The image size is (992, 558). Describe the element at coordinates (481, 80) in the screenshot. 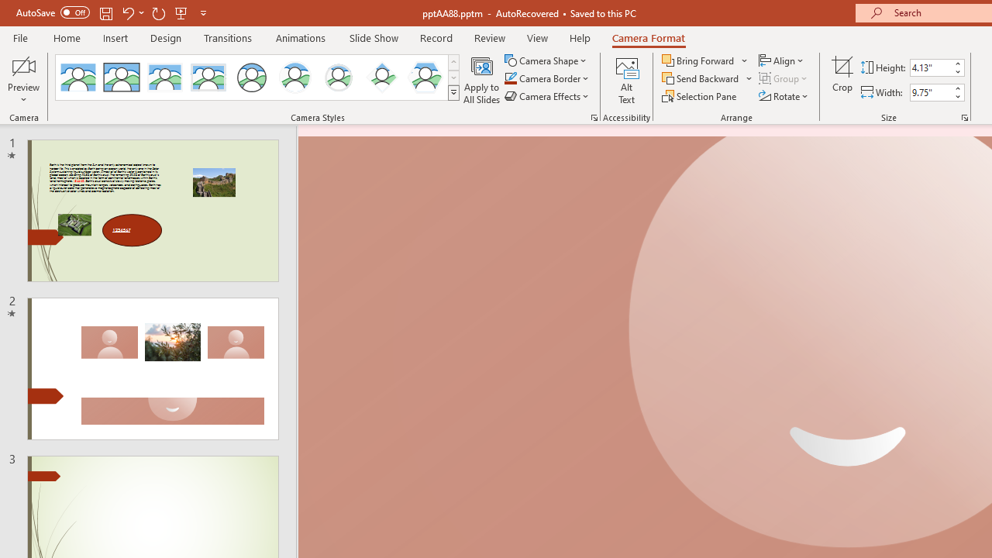

I see `'Apply to All Slides'` at that location.